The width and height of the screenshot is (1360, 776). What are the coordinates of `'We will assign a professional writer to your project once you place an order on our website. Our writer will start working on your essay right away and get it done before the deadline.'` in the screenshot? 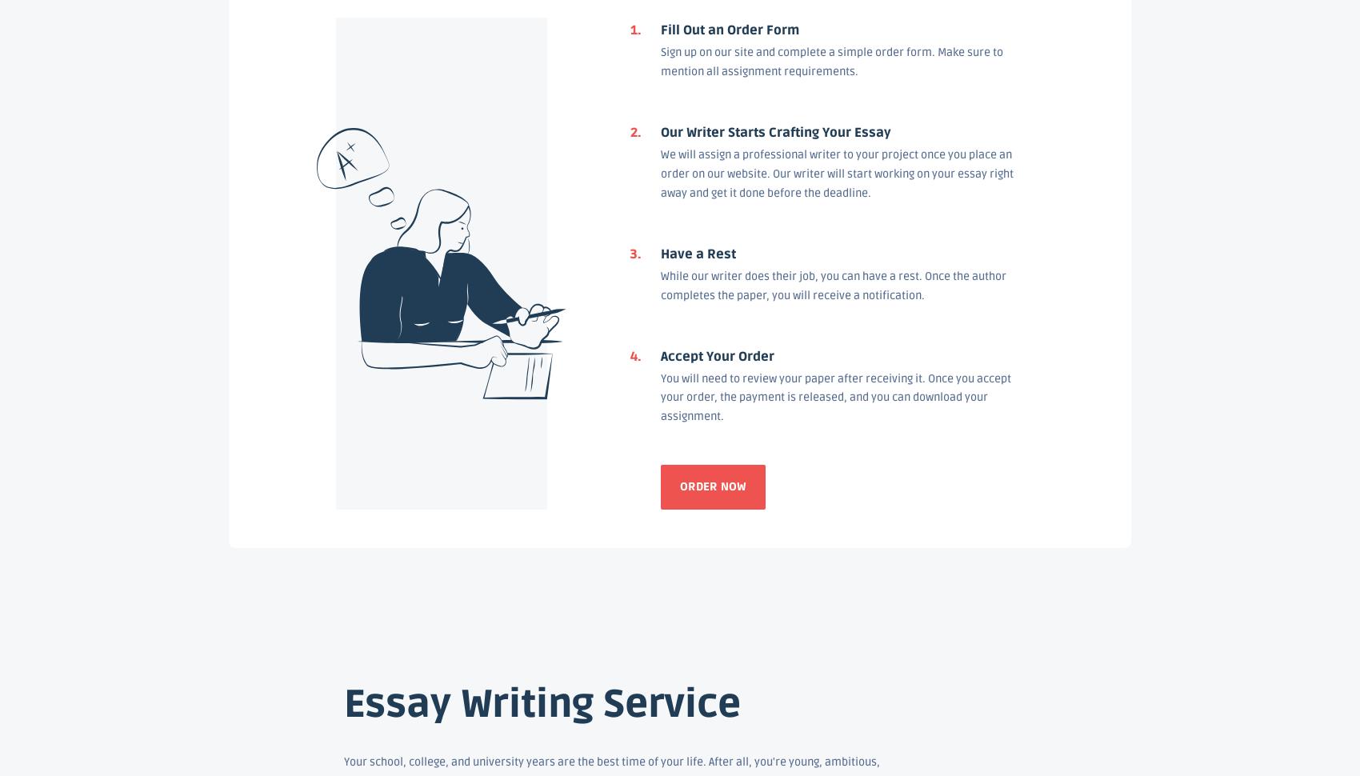 It's located at (835, 173).